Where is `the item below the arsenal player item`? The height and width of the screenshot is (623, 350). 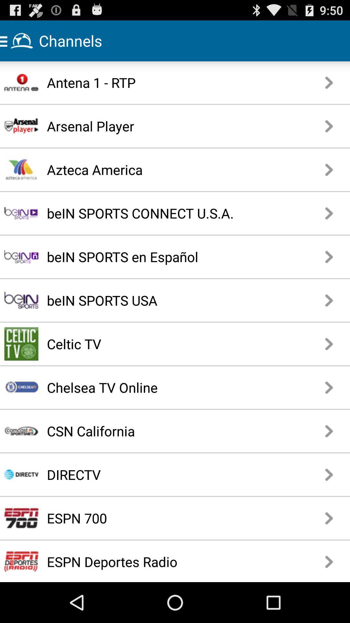 the item below the arsenal player item is located at coordinates (158, 169).